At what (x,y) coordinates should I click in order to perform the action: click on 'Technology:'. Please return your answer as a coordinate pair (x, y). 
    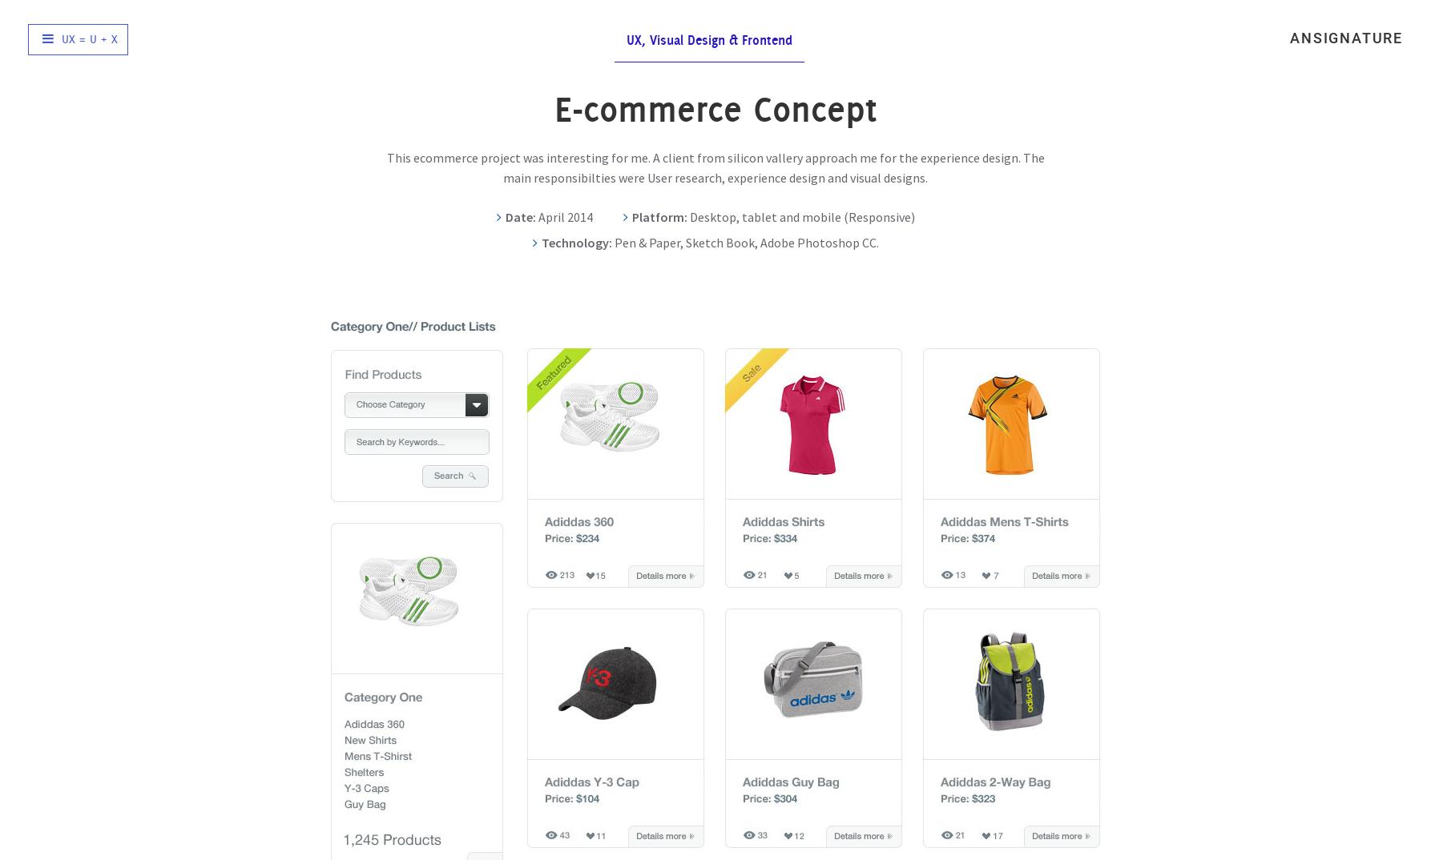
    Looking at the image, I should click on (540, 242).